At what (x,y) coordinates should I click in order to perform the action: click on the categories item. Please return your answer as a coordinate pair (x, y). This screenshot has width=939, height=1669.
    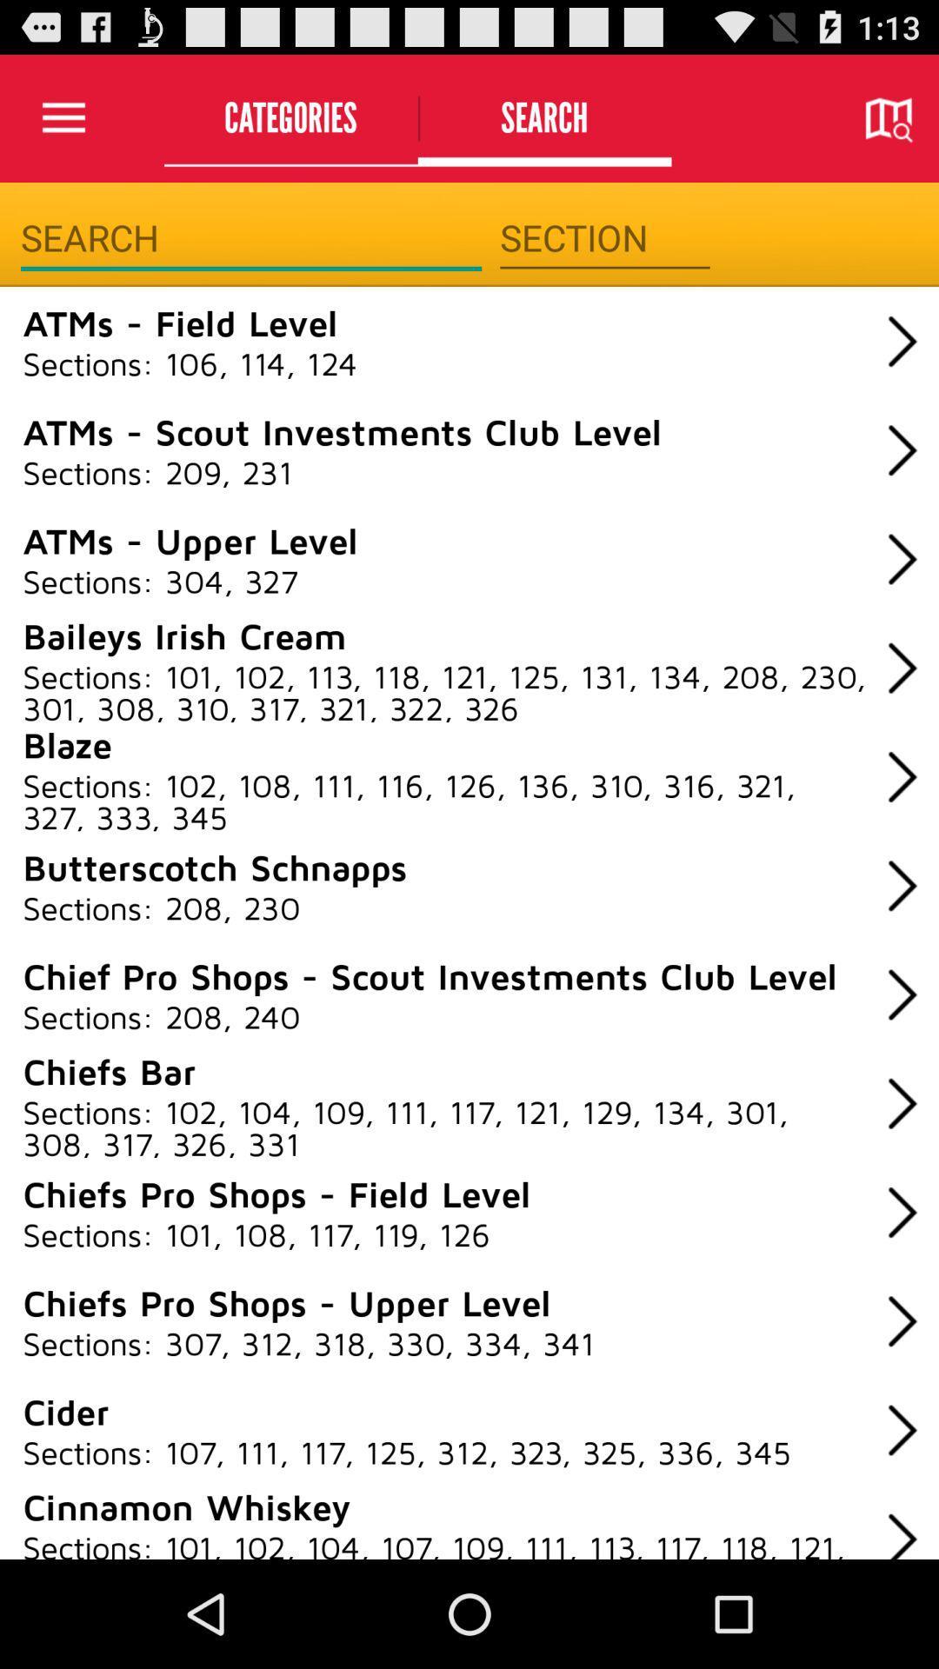
    Looking at the image, I should click on (290, 117).